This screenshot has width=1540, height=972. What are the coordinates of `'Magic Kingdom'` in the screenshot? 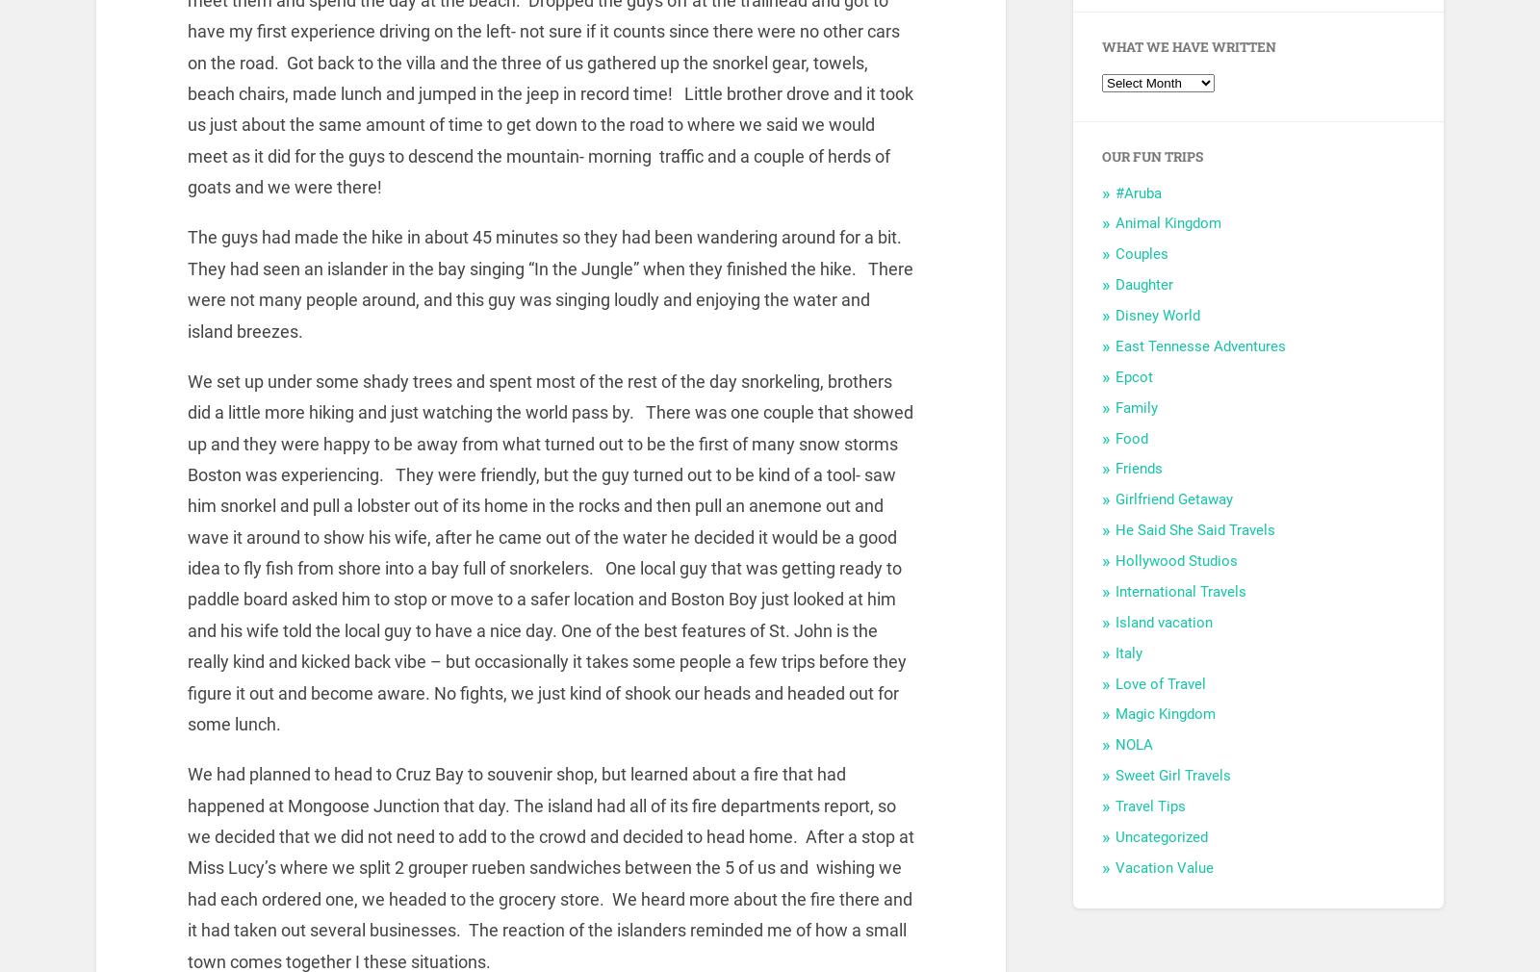 It's located at (1116, 713).